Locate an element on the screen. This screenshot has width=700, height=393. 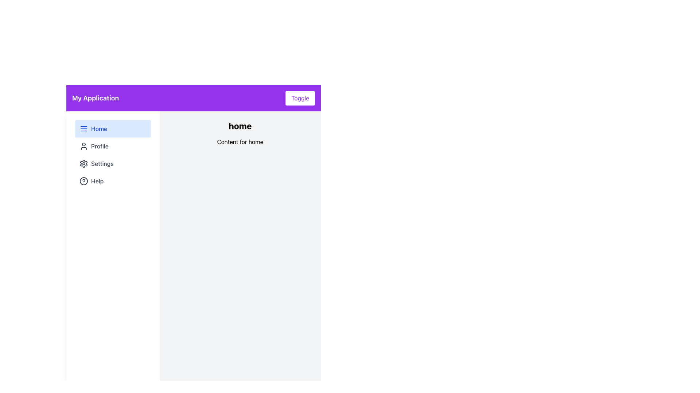
the text label displaying 'My Application' which is styled with a bold font against a purple background is located at coordinates (95, 98).